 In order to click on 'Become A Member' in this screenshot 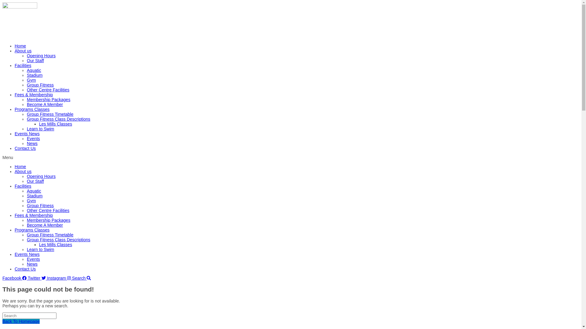, I will do `click(45, 225)`.